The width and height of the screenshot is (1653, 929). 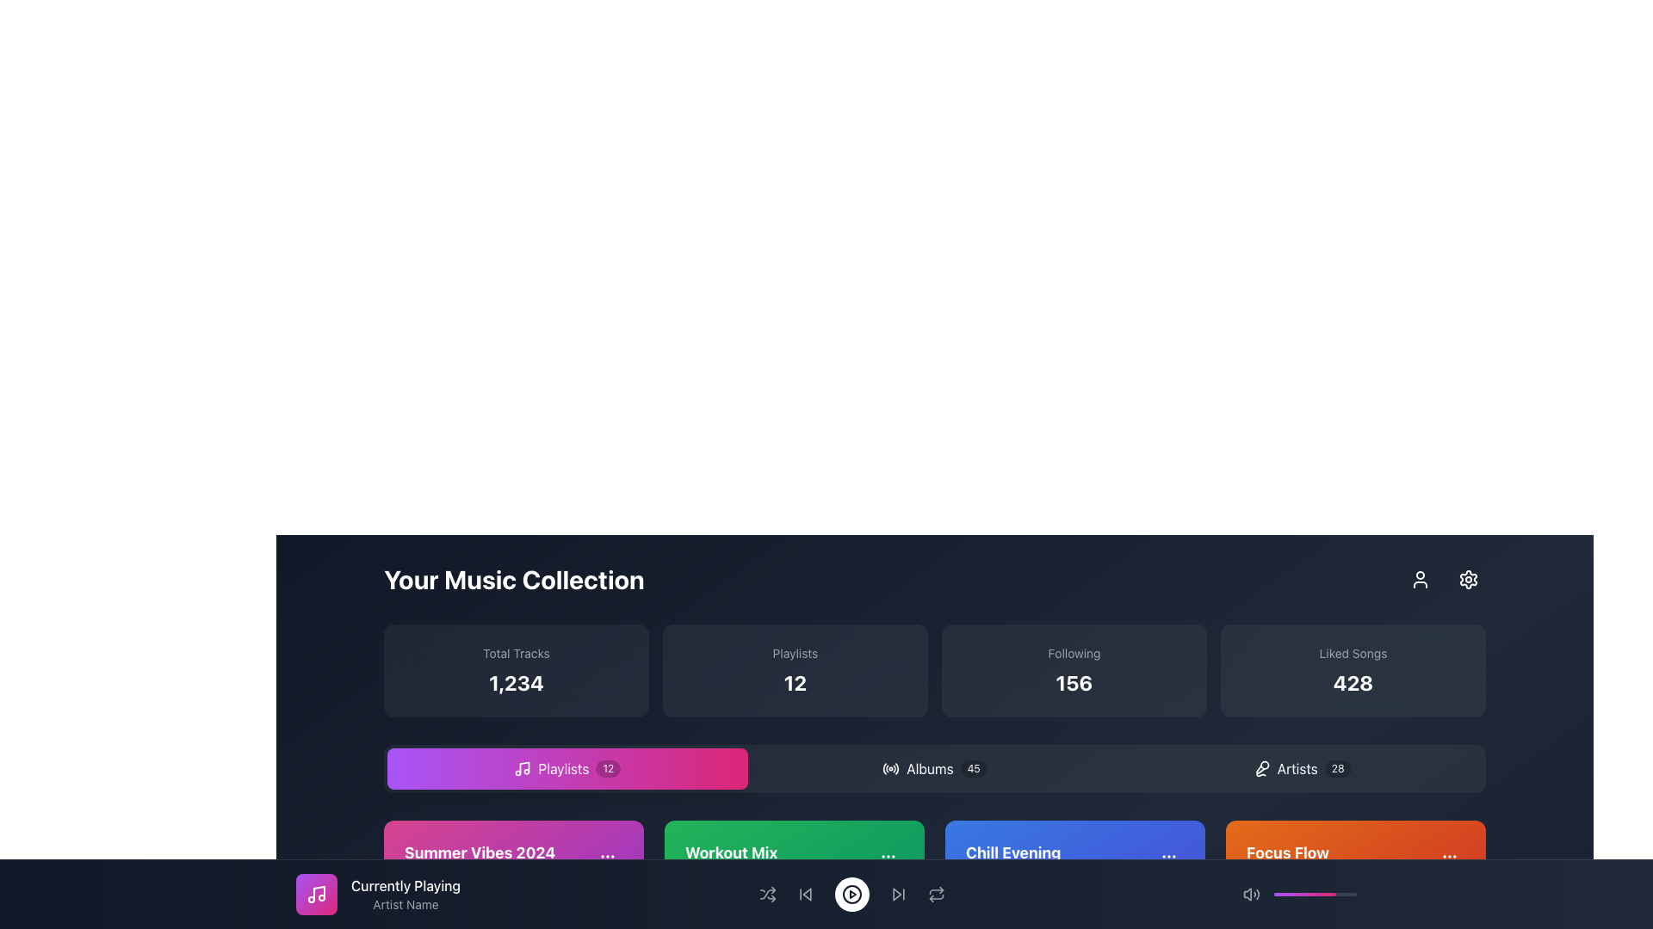 I want to click on the 'Albums' text label, so click(x=929, y=768).